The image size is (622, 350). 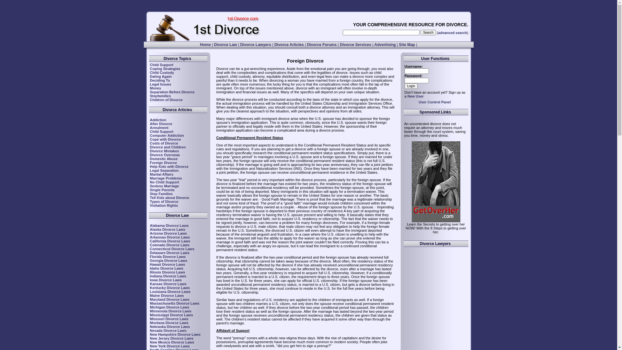 What do you see at coordinates (168, 330) in the screenshot?
I see `'Nevada Divorce Laws'` at bounding box center [168, 330].